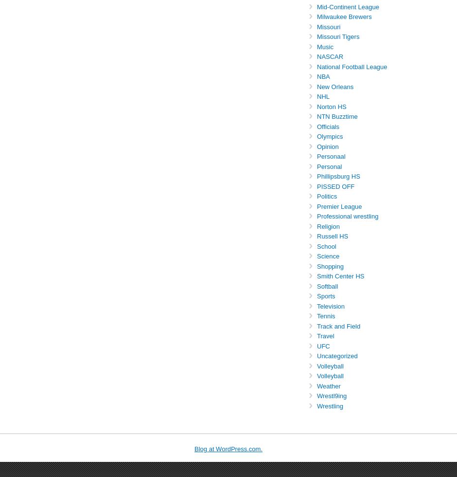 The image size is (457, 477). I want to click on 'Television', so click(330, 306).